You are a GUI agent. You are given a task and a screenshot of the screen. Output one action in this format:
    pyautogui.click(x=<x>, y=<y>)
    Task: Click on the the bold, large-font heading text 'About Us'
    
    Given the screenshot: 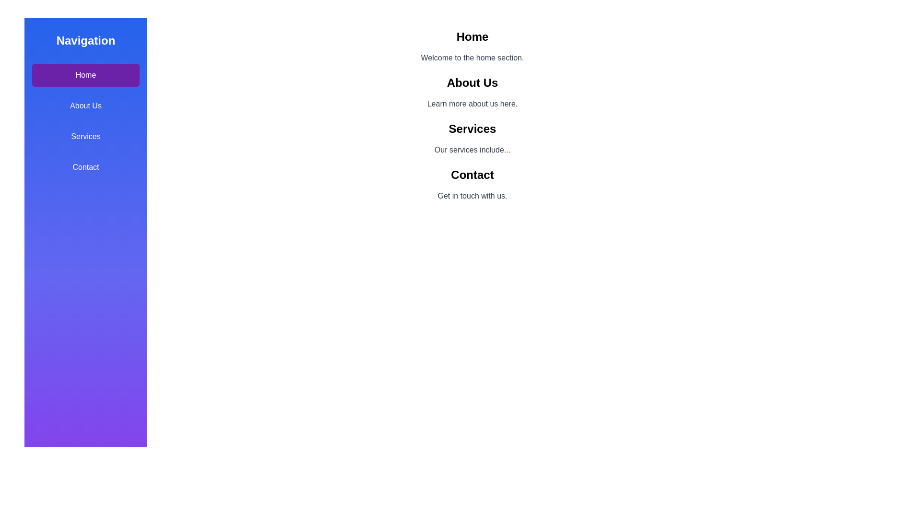 What is the action you would take?
    pyautogui.click(x=472, y=82)
    